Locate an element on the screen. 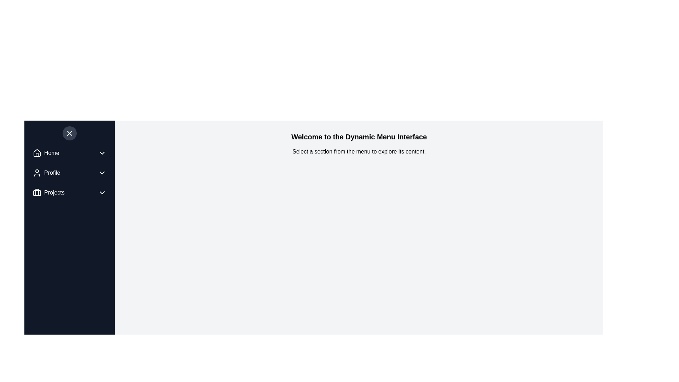 This screenshot has height=382, width=679. the house icon's lower central rectangle, which symbolizes an opening or door within the 'Home' menu item on the left sidebar is located at coordinates (37, 154).